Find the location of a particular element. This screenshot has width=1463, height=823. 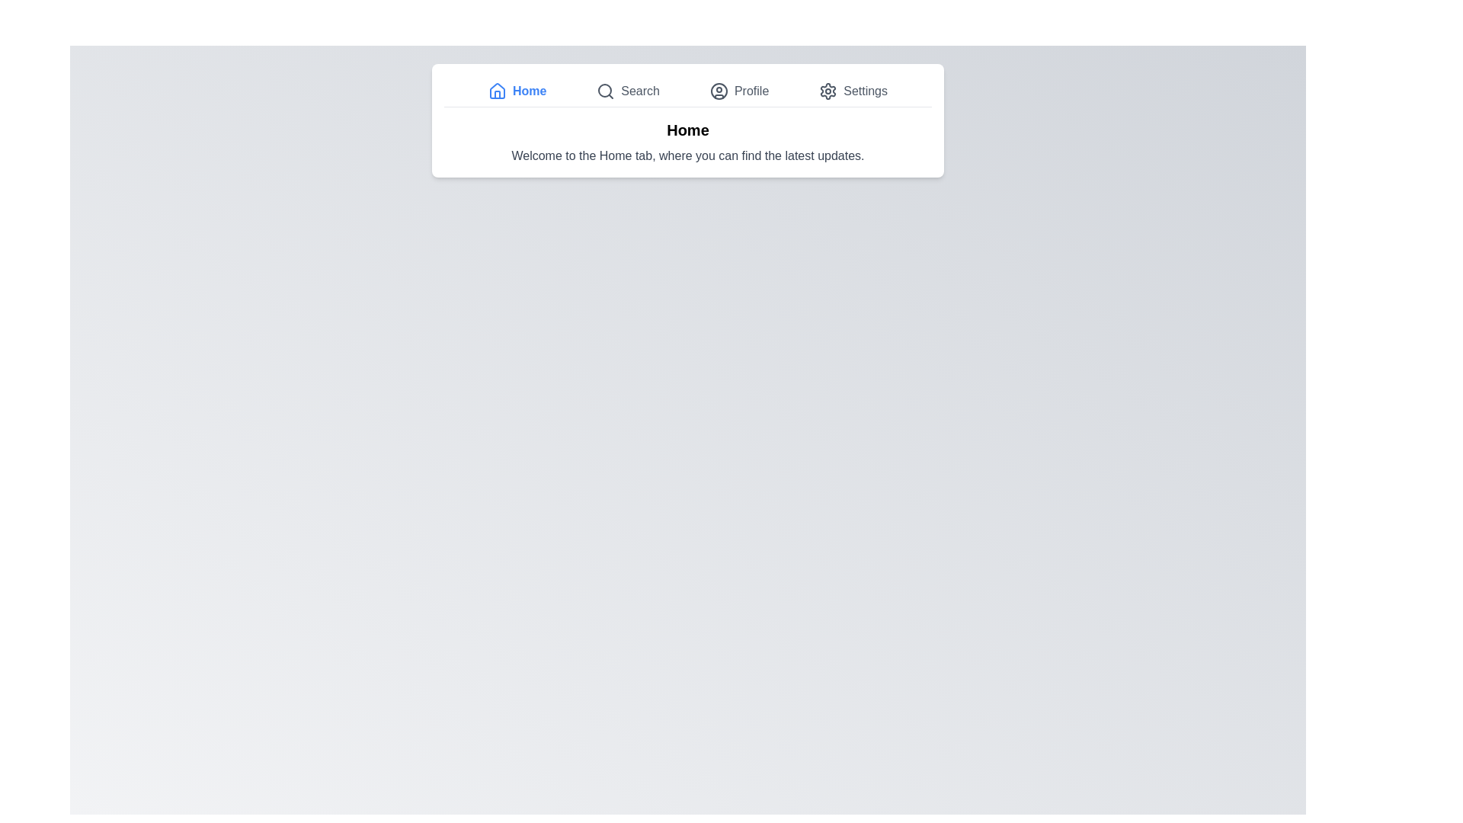

the navigation button that directs the user to the home page, located to the left of 'Search' and above the main content area is located at coordinates (517, 91).